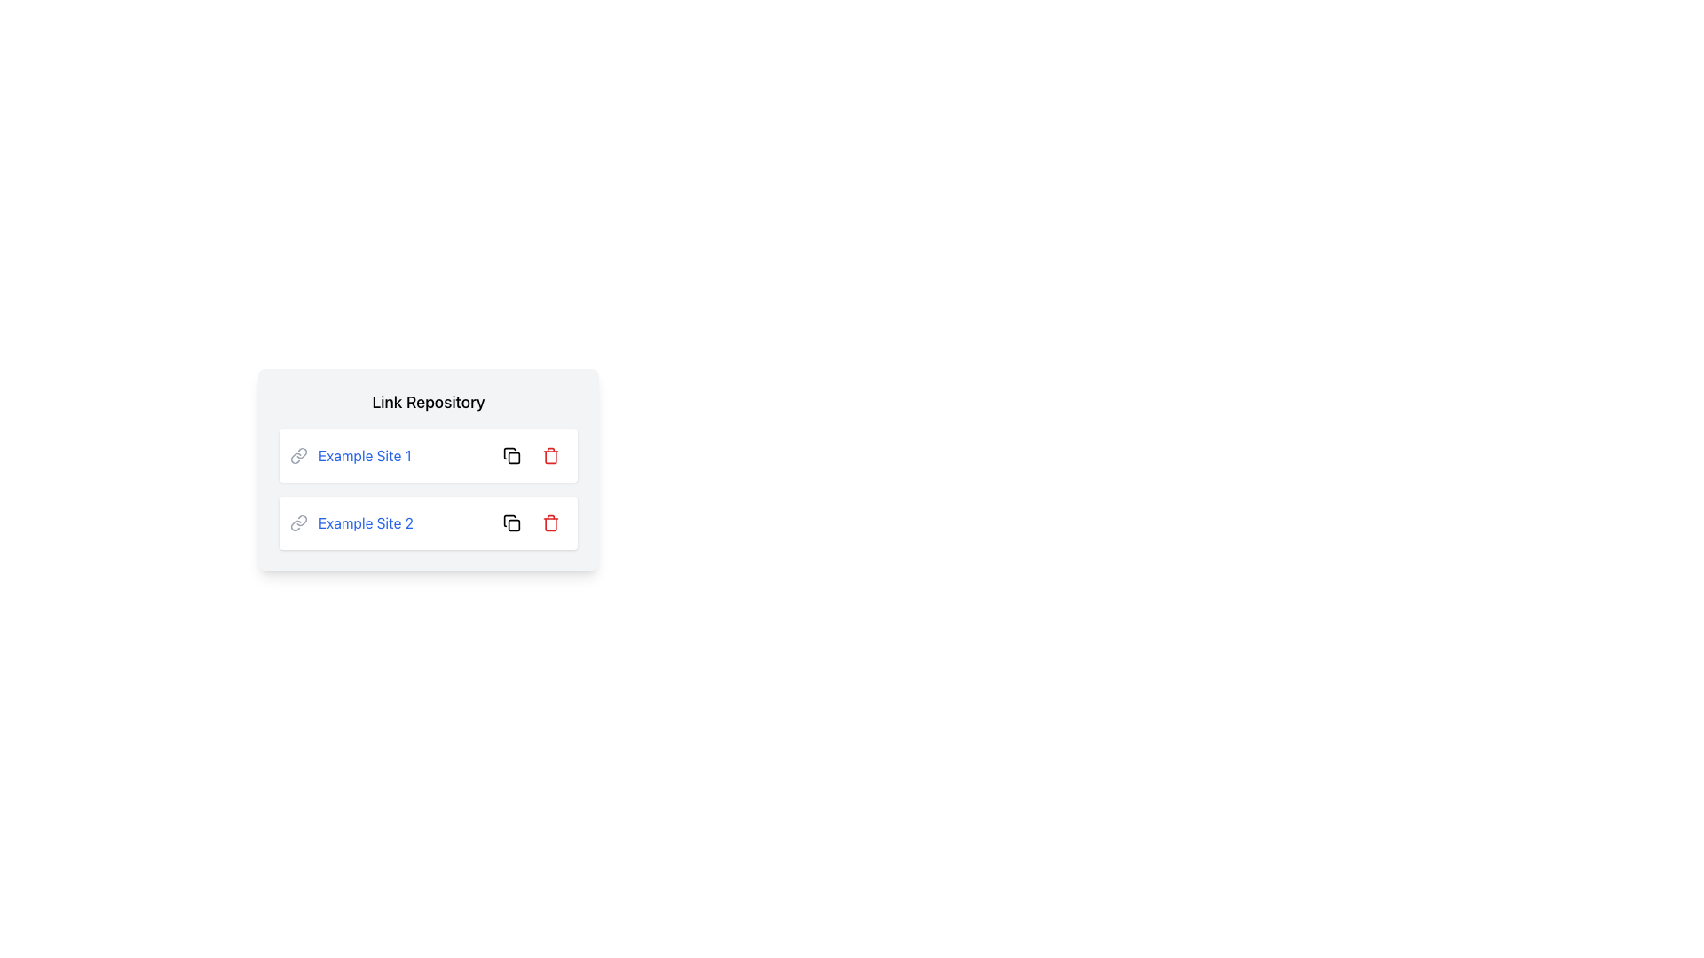  What do you see at coordinates (364, 454) in the screenshot?
I see `the textual hyperlink labeled 'Example Site 1'` at bounding box center [364, 454].